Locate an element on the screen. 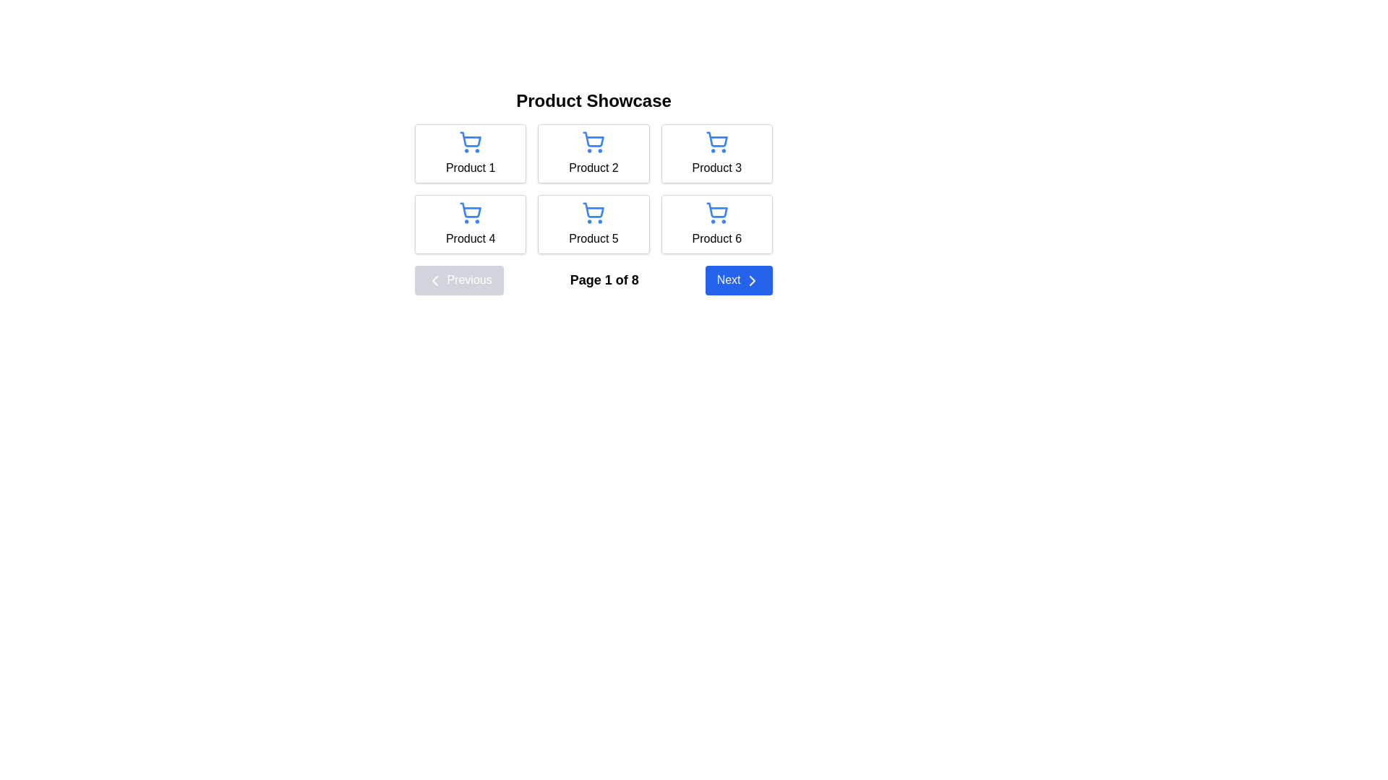 The width and height of the screenshot is (1388, 780). text label that contains 'Product 2', which is styled in a medium-weight font and is positioned below a shopping cart icon in a minimalistic design is located at coordinates (594, 167).